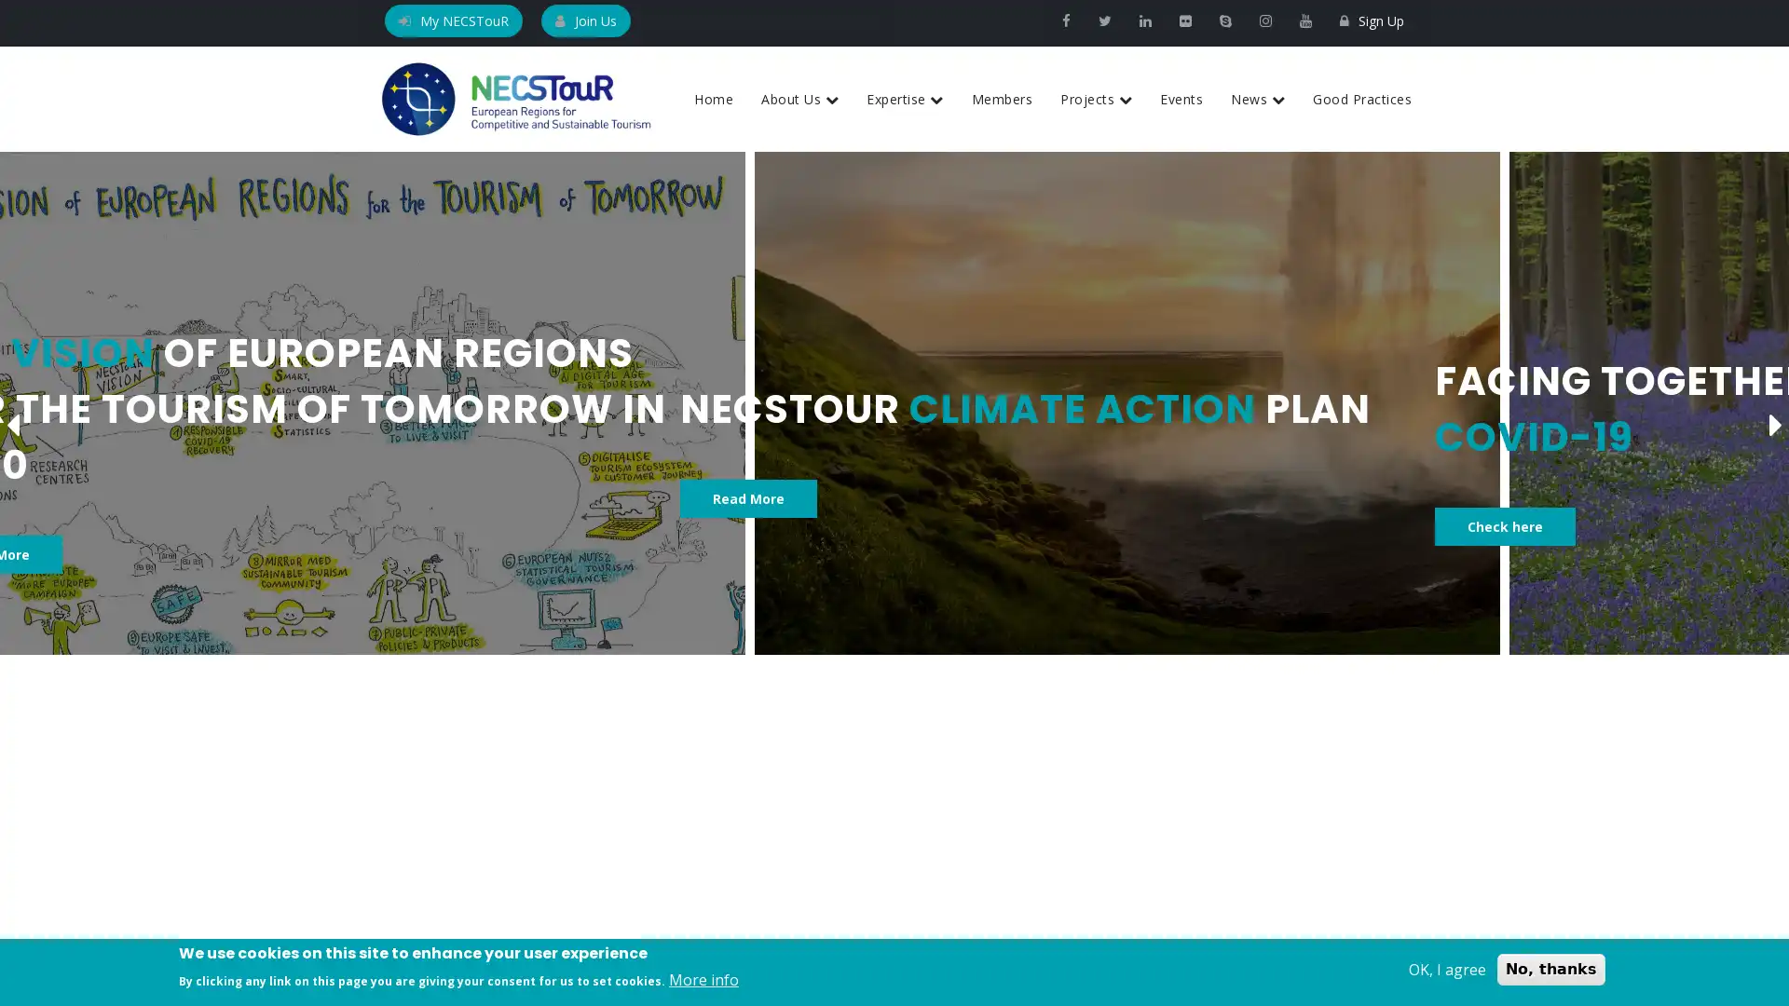 This screenshot has width=1789, height=1006. What do you see at coordinates (703, 979) in the screenshot?
I see `More info` at bounding box center [703, 979].